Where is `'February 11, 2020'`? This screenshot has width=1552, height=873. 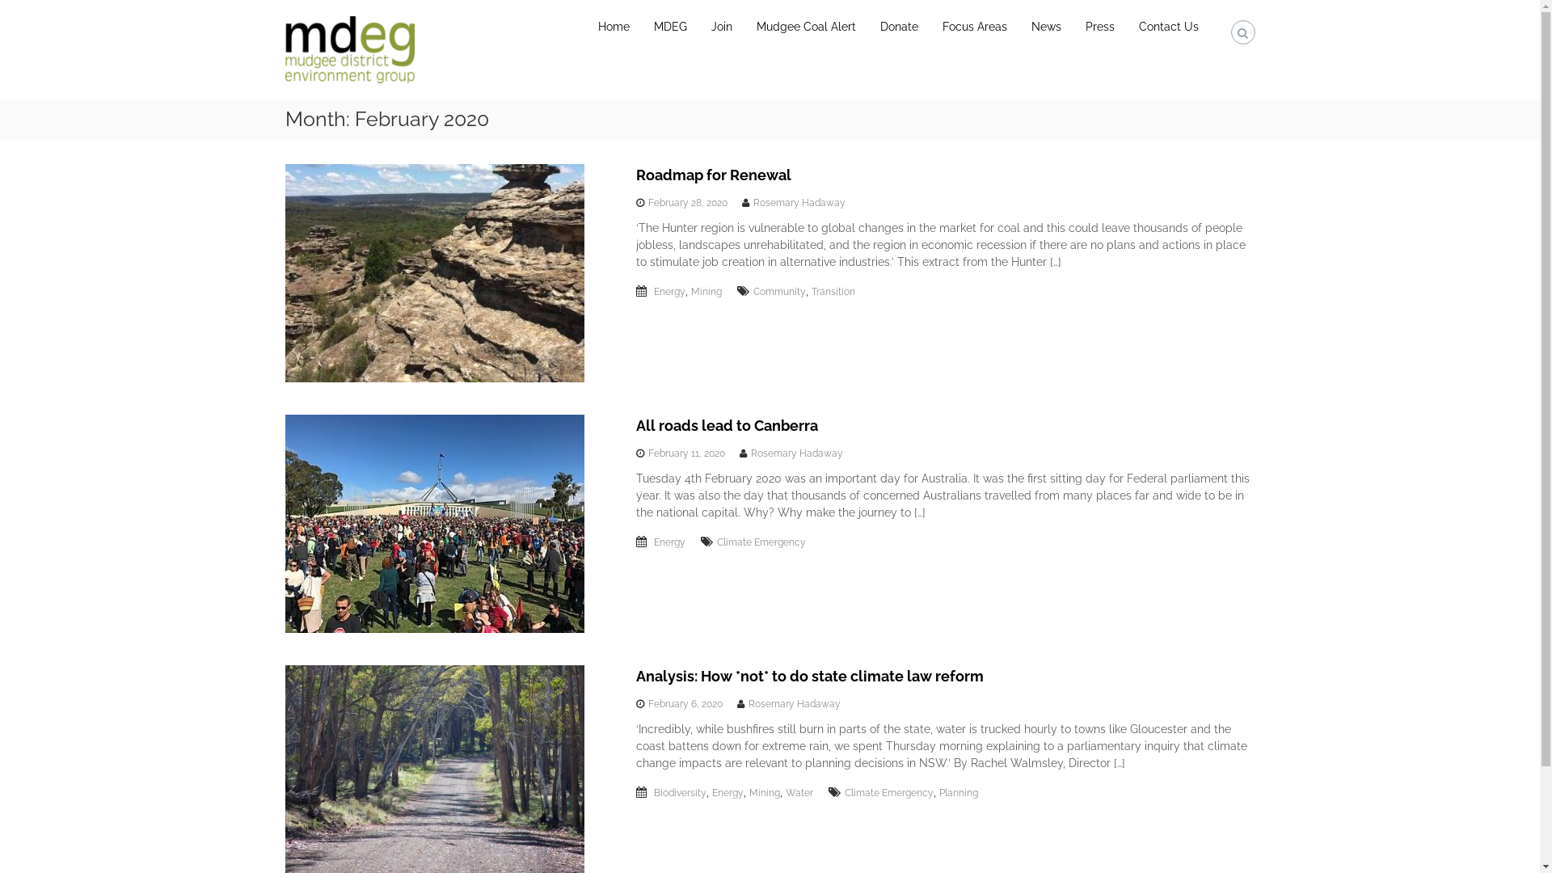
'February 11, 2020' is located at coordinates (686, 453).